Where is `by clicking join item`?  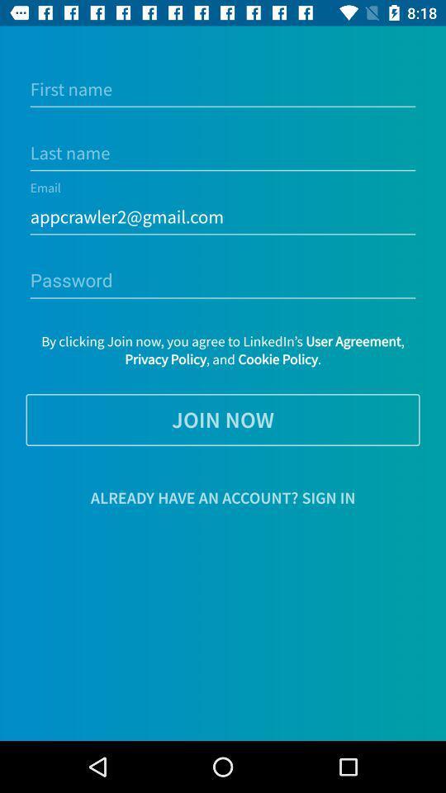 by clicking join item is located at coordinates (223, 350).